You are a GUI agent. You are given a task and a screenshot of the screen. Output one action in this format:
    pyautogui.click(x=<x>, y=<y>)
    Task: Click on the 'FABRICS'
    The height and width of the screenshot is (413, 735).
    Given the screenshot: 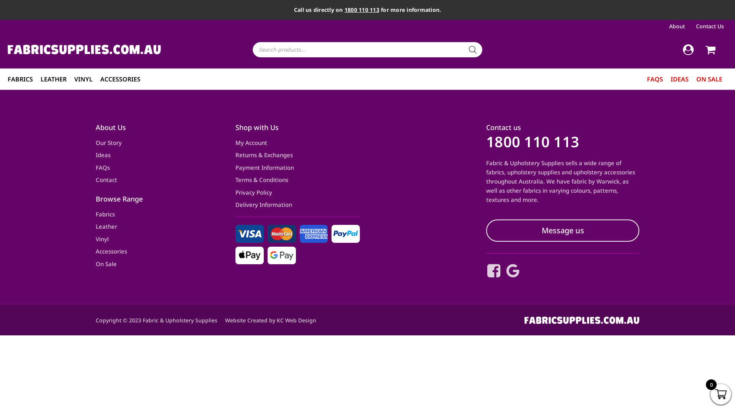 What is the action you would take?
    pyautogui.click(x=20, y=79)
    